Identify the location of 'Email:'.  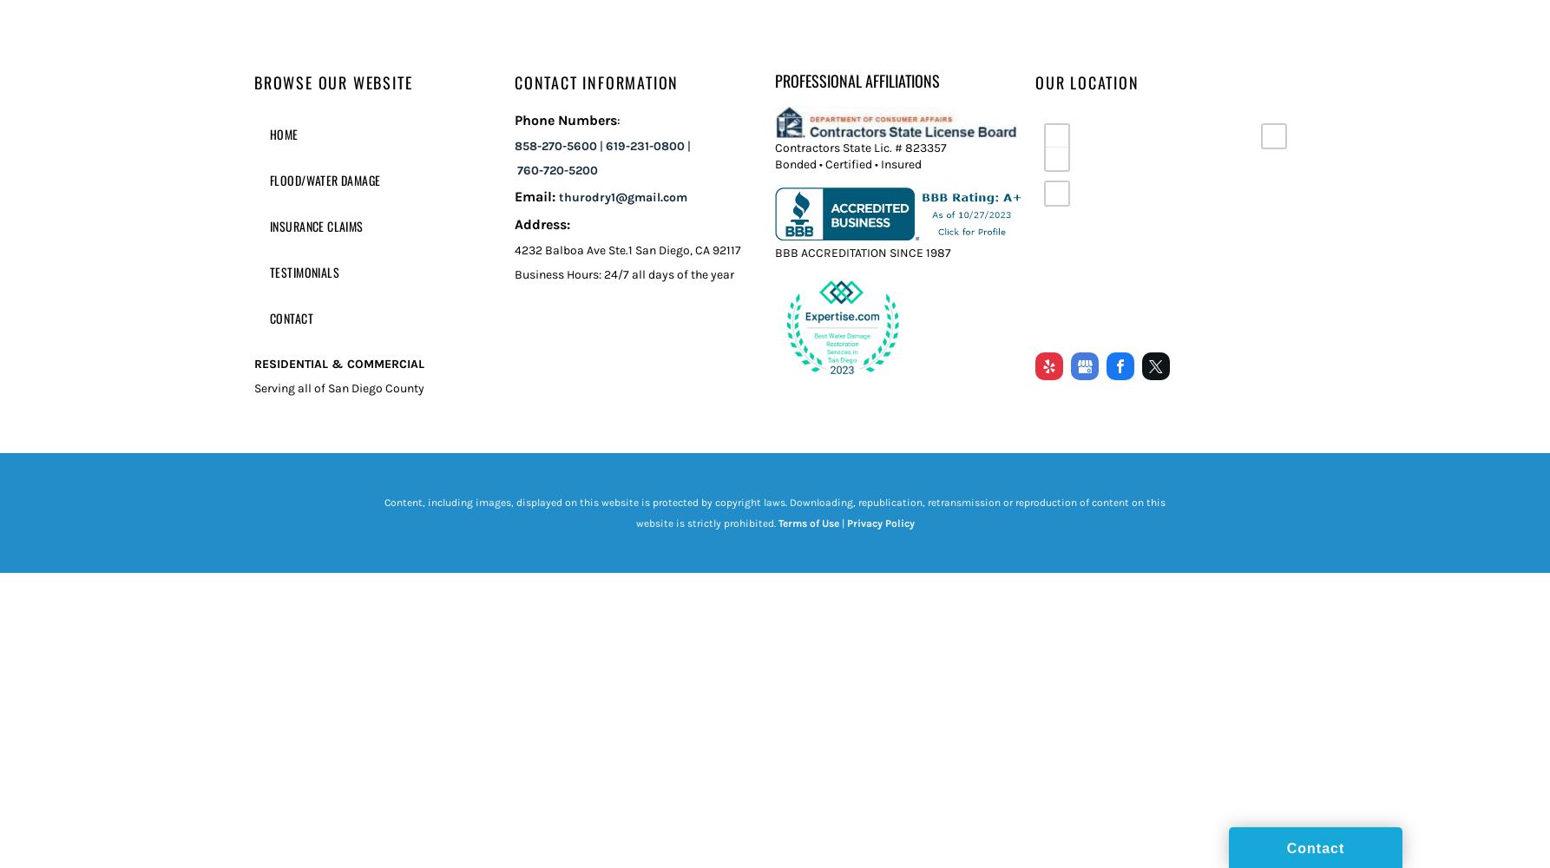
(535, 195).